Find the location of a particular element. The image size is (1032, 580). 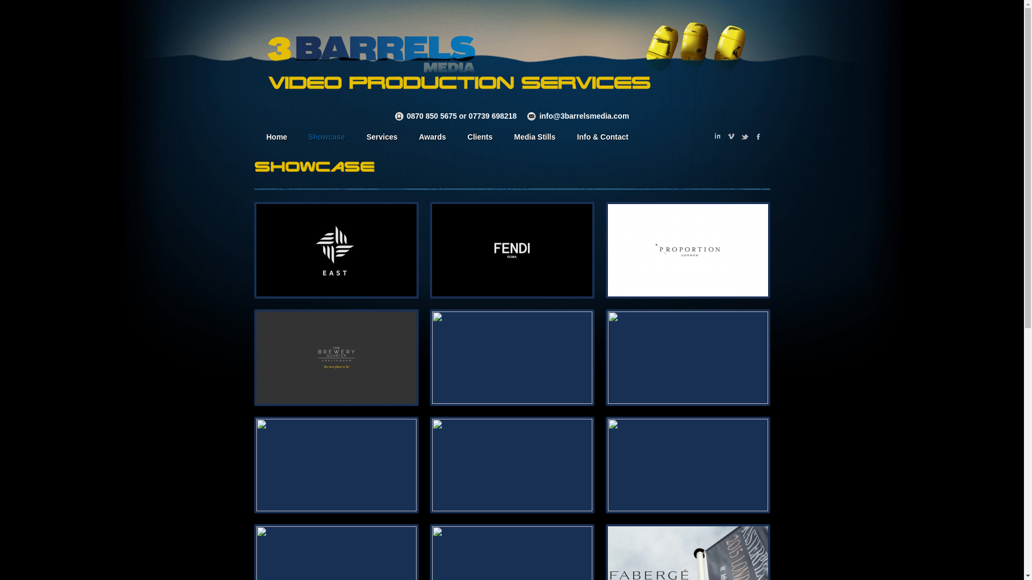

'Info & Contact' is located at coordinates (603, 138).